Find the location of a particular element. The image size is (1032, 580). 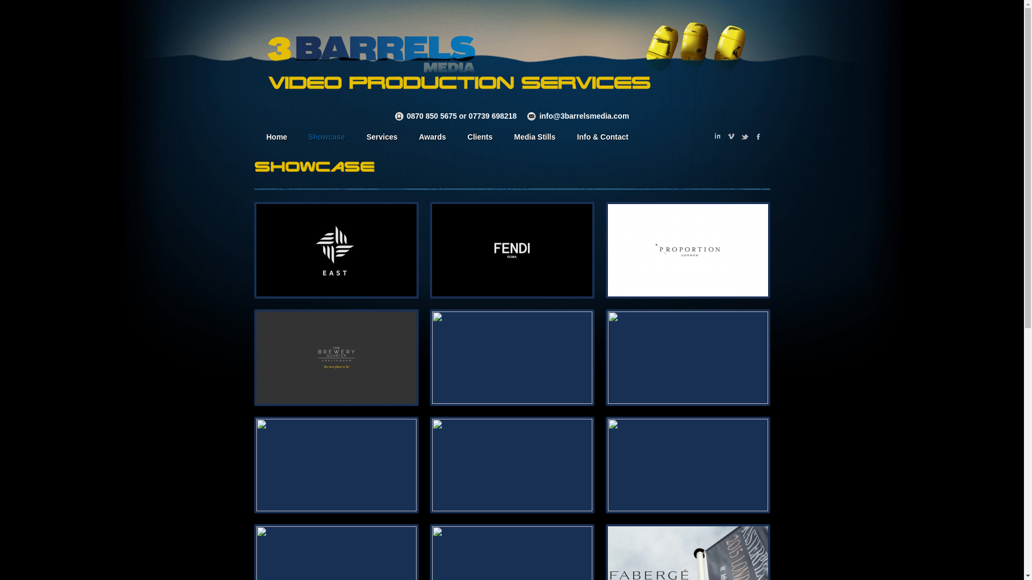

'Info & Contact' is located at coordinates (603, 138).